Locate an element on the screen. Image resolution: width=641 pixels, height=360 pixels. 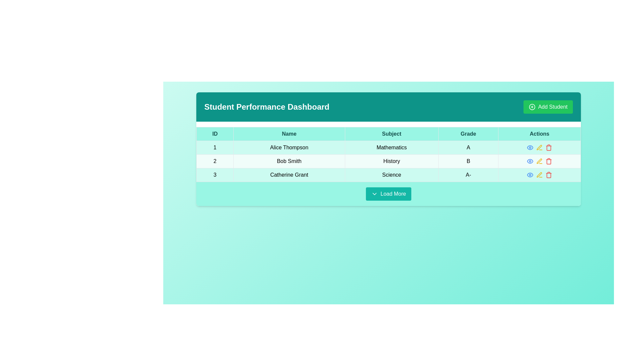
the editing icon button located in the 'Actions' column of the first row of the table is located at coordinates (540, 147).